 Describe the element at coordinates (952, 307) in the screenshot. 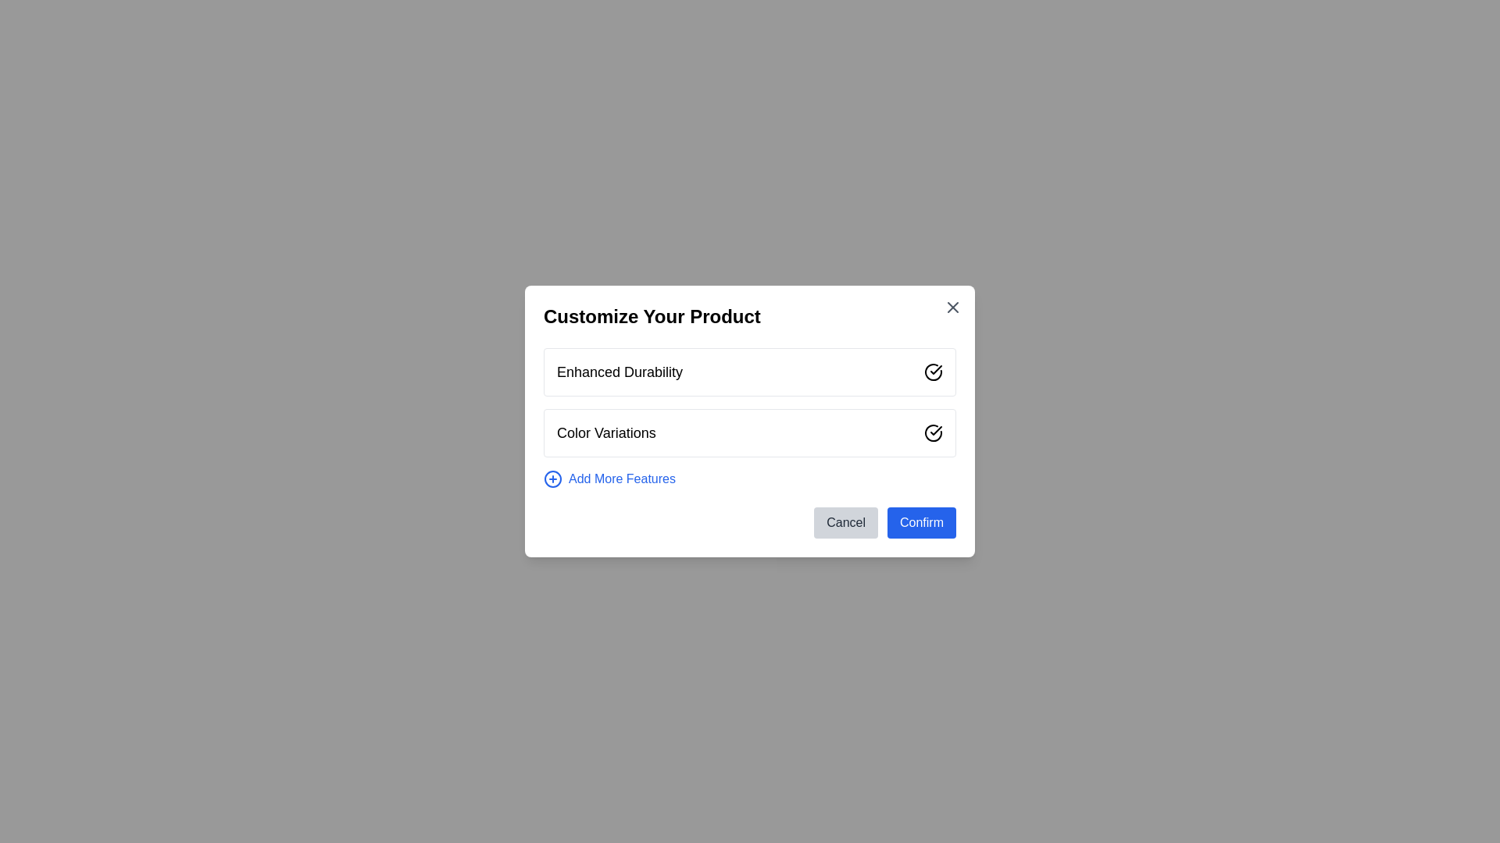

I see `the close button represented by a small 'X' icon located in the top-right corner of the modal dialog titled 'Customize Your Product'` at that location.